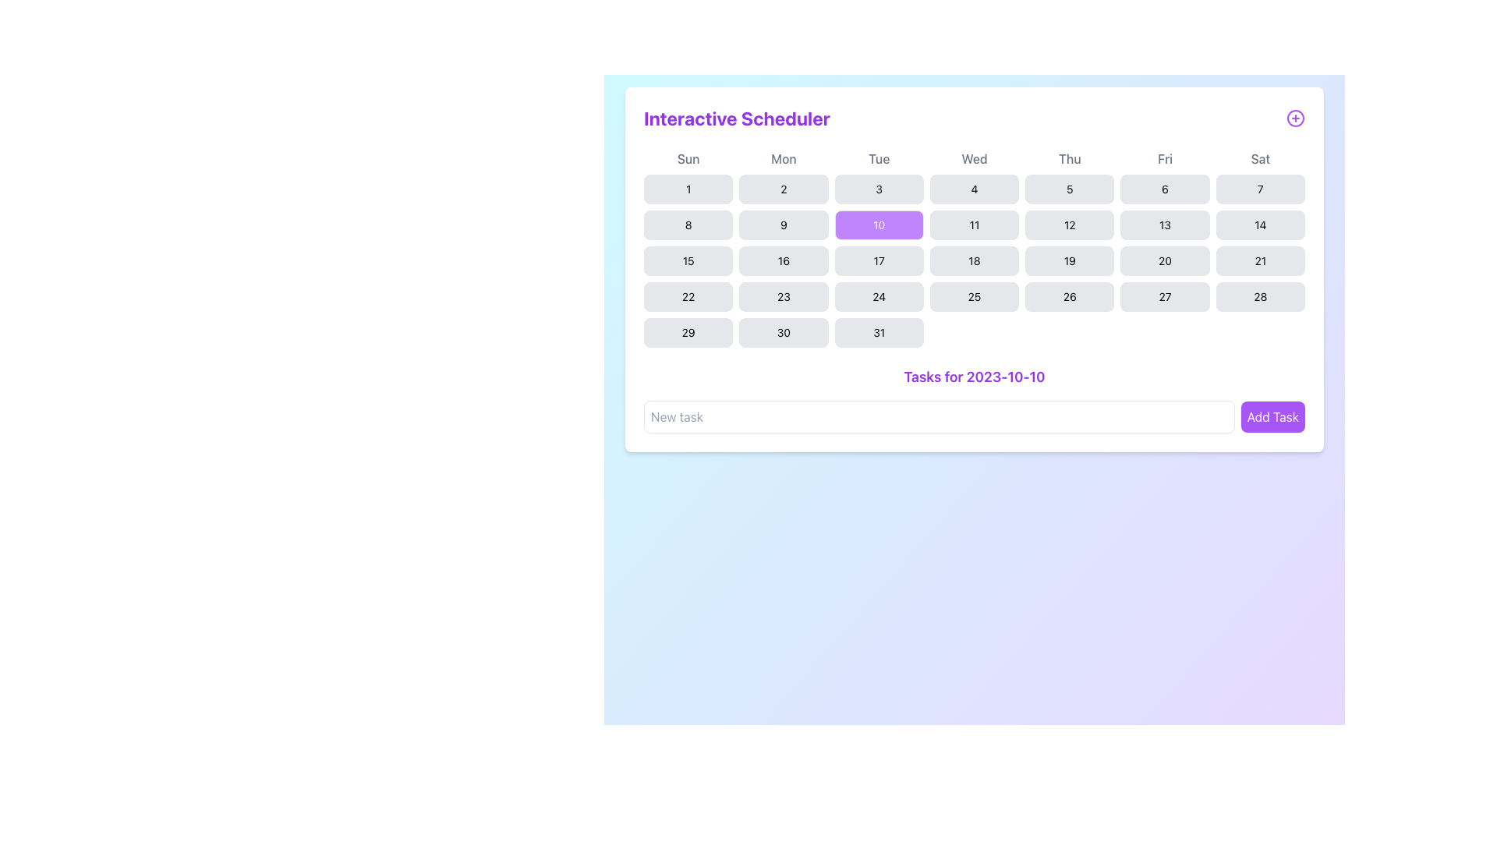 This screenshot has width=1497, height=842. Describe the element at coordinates (1069, 225) in the screenshot. I see `the rectangular button labeled '12' located under 'Thu' in the calendar grid` at that location.